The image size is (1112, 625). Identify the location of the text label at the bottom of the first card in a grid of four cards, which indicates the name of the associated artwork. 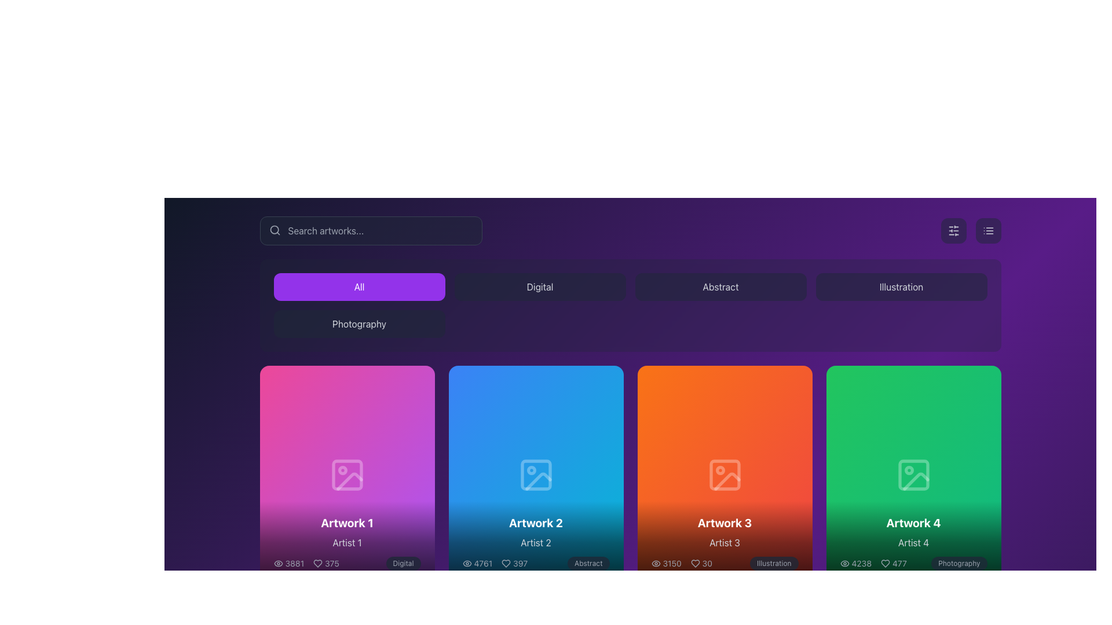
(346, 523).